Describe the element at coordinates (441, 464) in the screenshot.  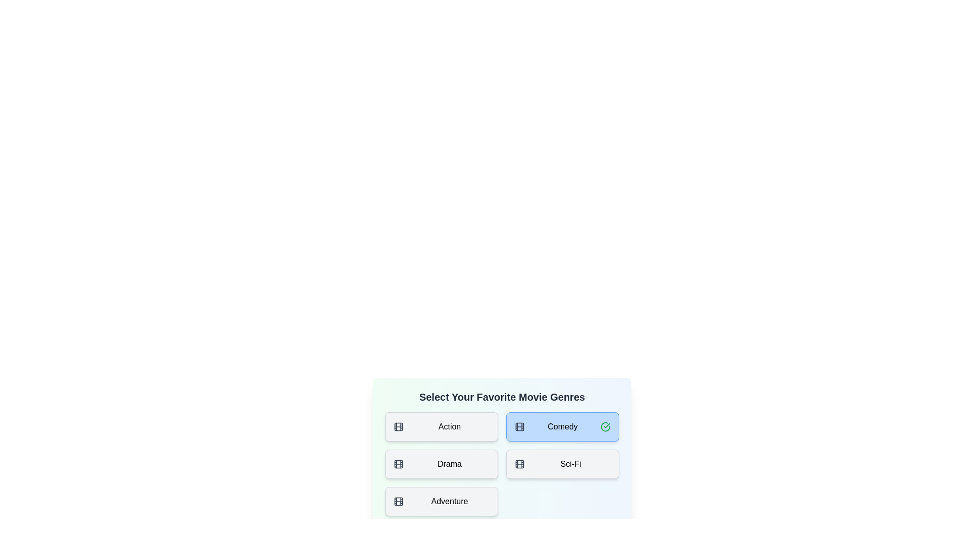
I see `the tile corresponding to the genre Drama to toggle its selection state` at that location.